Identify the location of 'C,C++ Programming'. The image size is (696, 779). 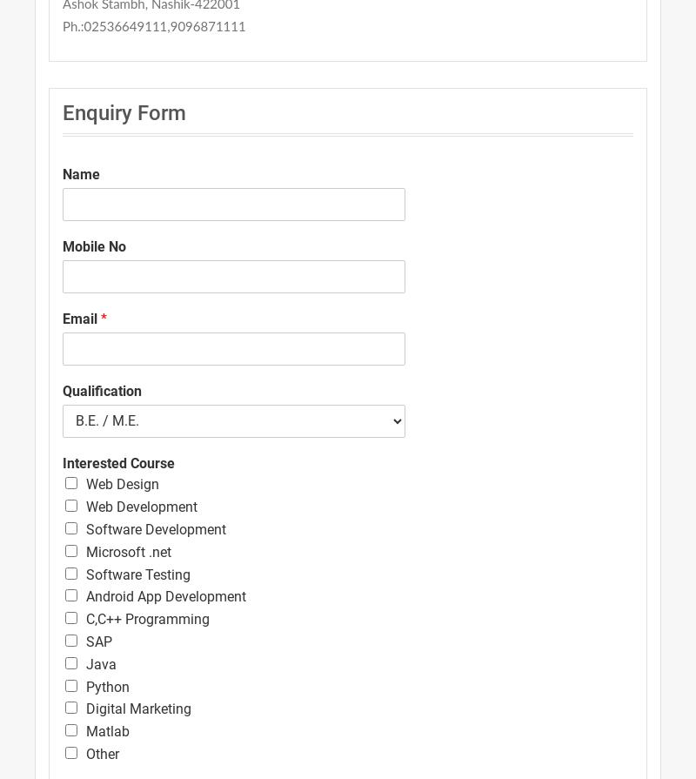
(85, 618).